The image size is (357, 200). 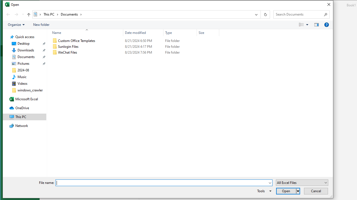 What do you see at coordinates (327, 24) in the screenshot?
I see `'&Help'` at bounding box center [327, 24].